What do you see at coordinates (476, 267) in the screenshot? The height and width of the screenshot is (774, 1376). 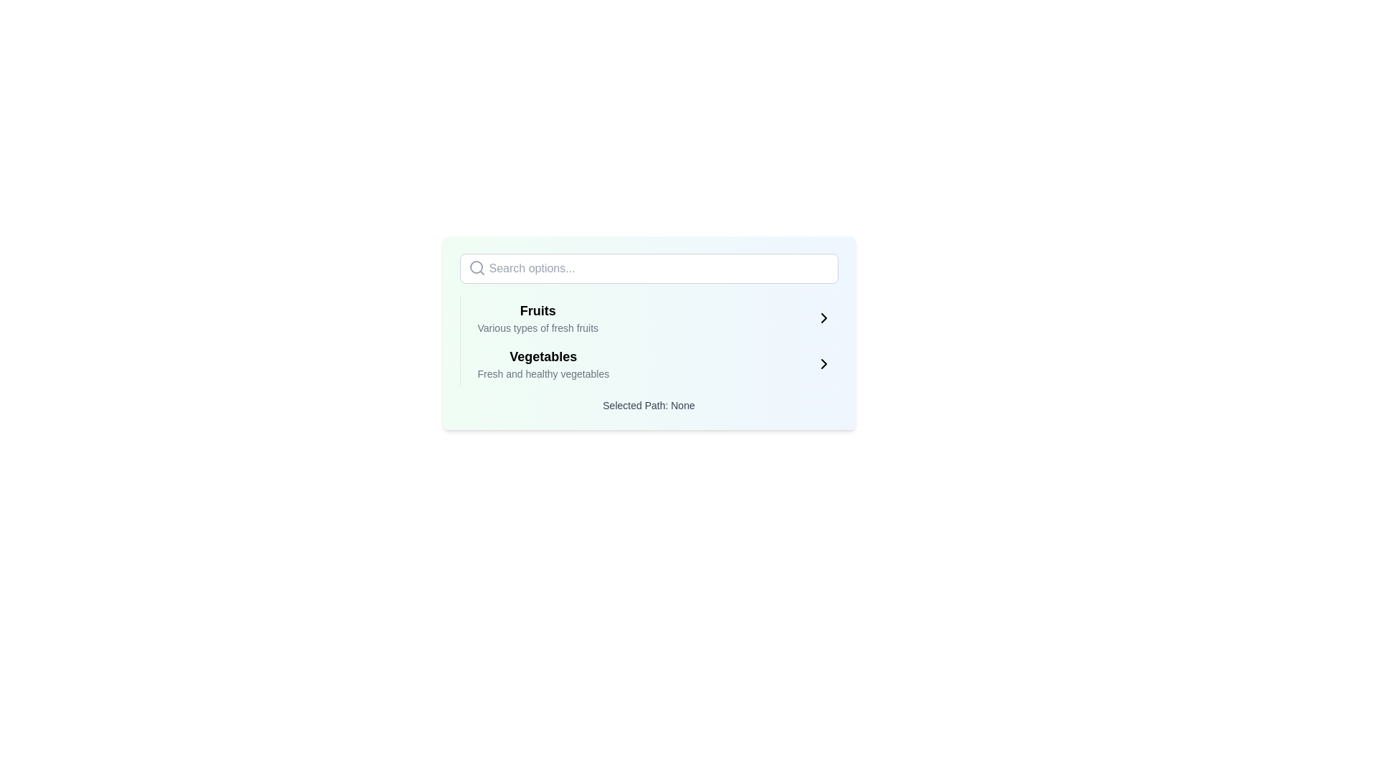 I see `the circular portion of the magnifying glass icon located next to the search input field` at bounding box center [476, 267].